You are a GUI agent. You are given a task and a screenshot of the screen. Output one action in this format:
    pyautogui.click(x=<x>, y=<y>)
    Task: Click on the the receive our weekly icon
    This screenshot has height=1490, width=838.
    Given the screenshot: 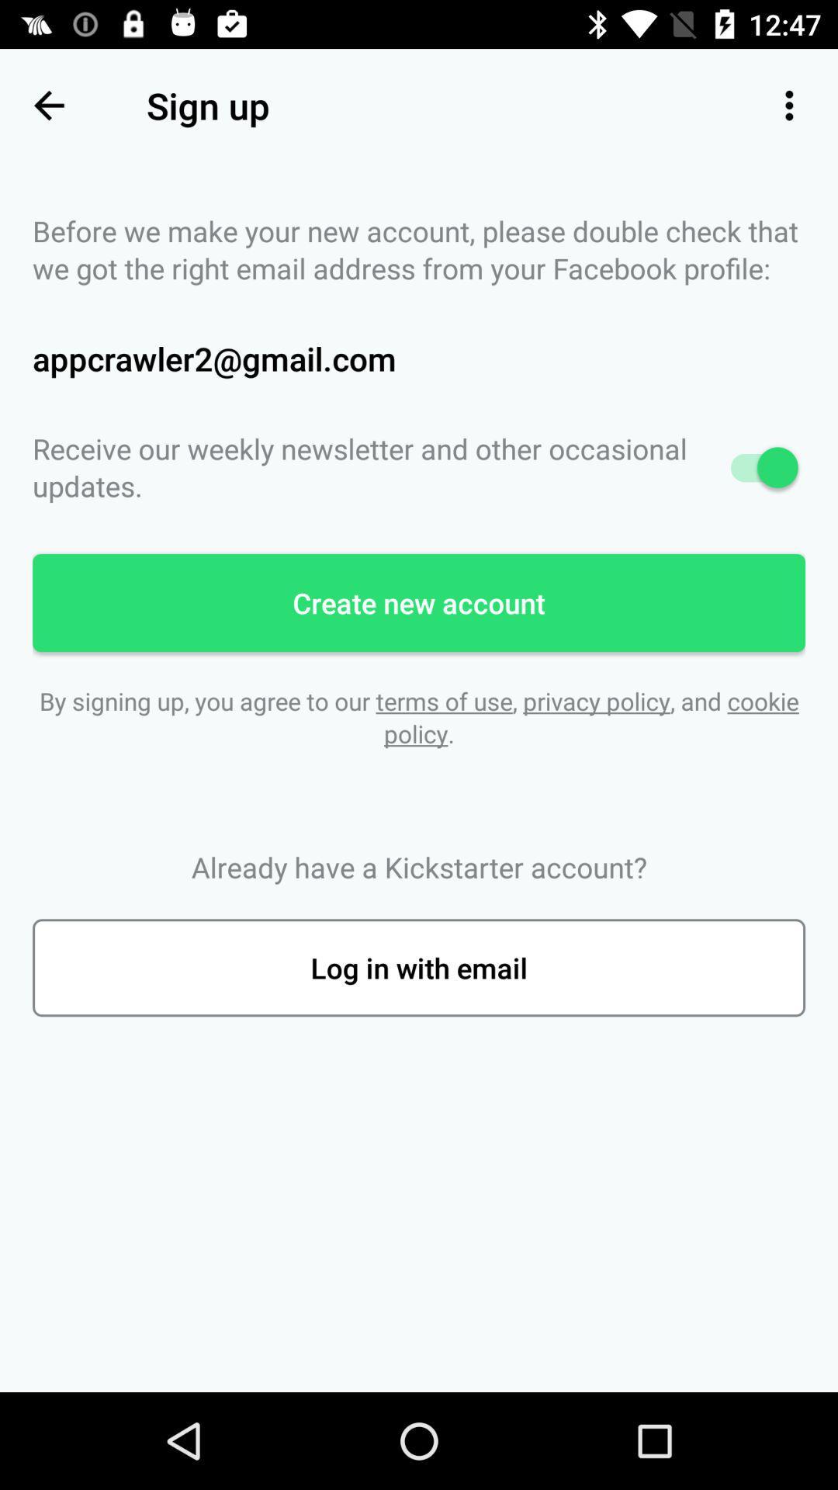 What is the action you would take?
    pyautogui.click(x=419, y=466)
    